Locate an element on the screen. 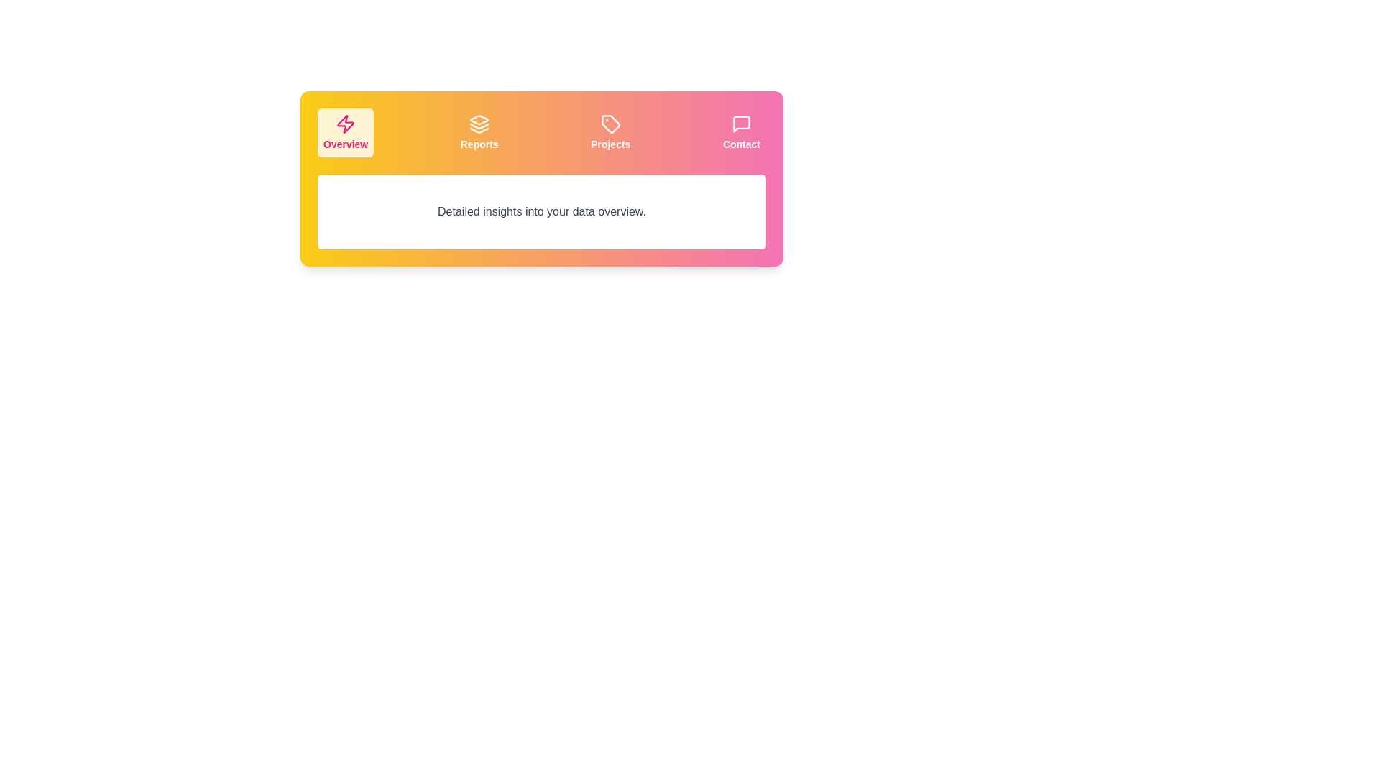  the speech bubble icon located at the top-right corner of the horizontal navigation menu, above the 'Contact' text label is located at coordinates (742, 124).